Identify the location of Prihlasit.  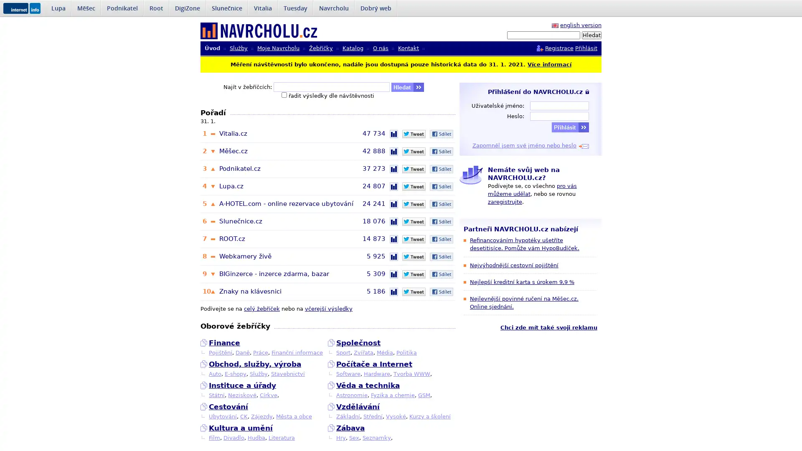
(570, 127).